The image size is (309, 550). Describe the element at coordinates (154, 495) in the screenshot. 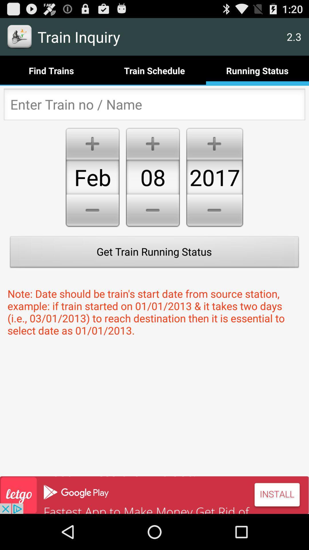

I see `advertisement` at that location.